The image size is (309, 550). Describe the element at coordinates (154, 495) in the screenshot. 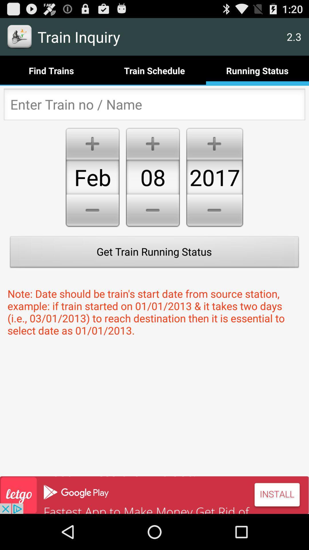

I see `advertisement` at that location.